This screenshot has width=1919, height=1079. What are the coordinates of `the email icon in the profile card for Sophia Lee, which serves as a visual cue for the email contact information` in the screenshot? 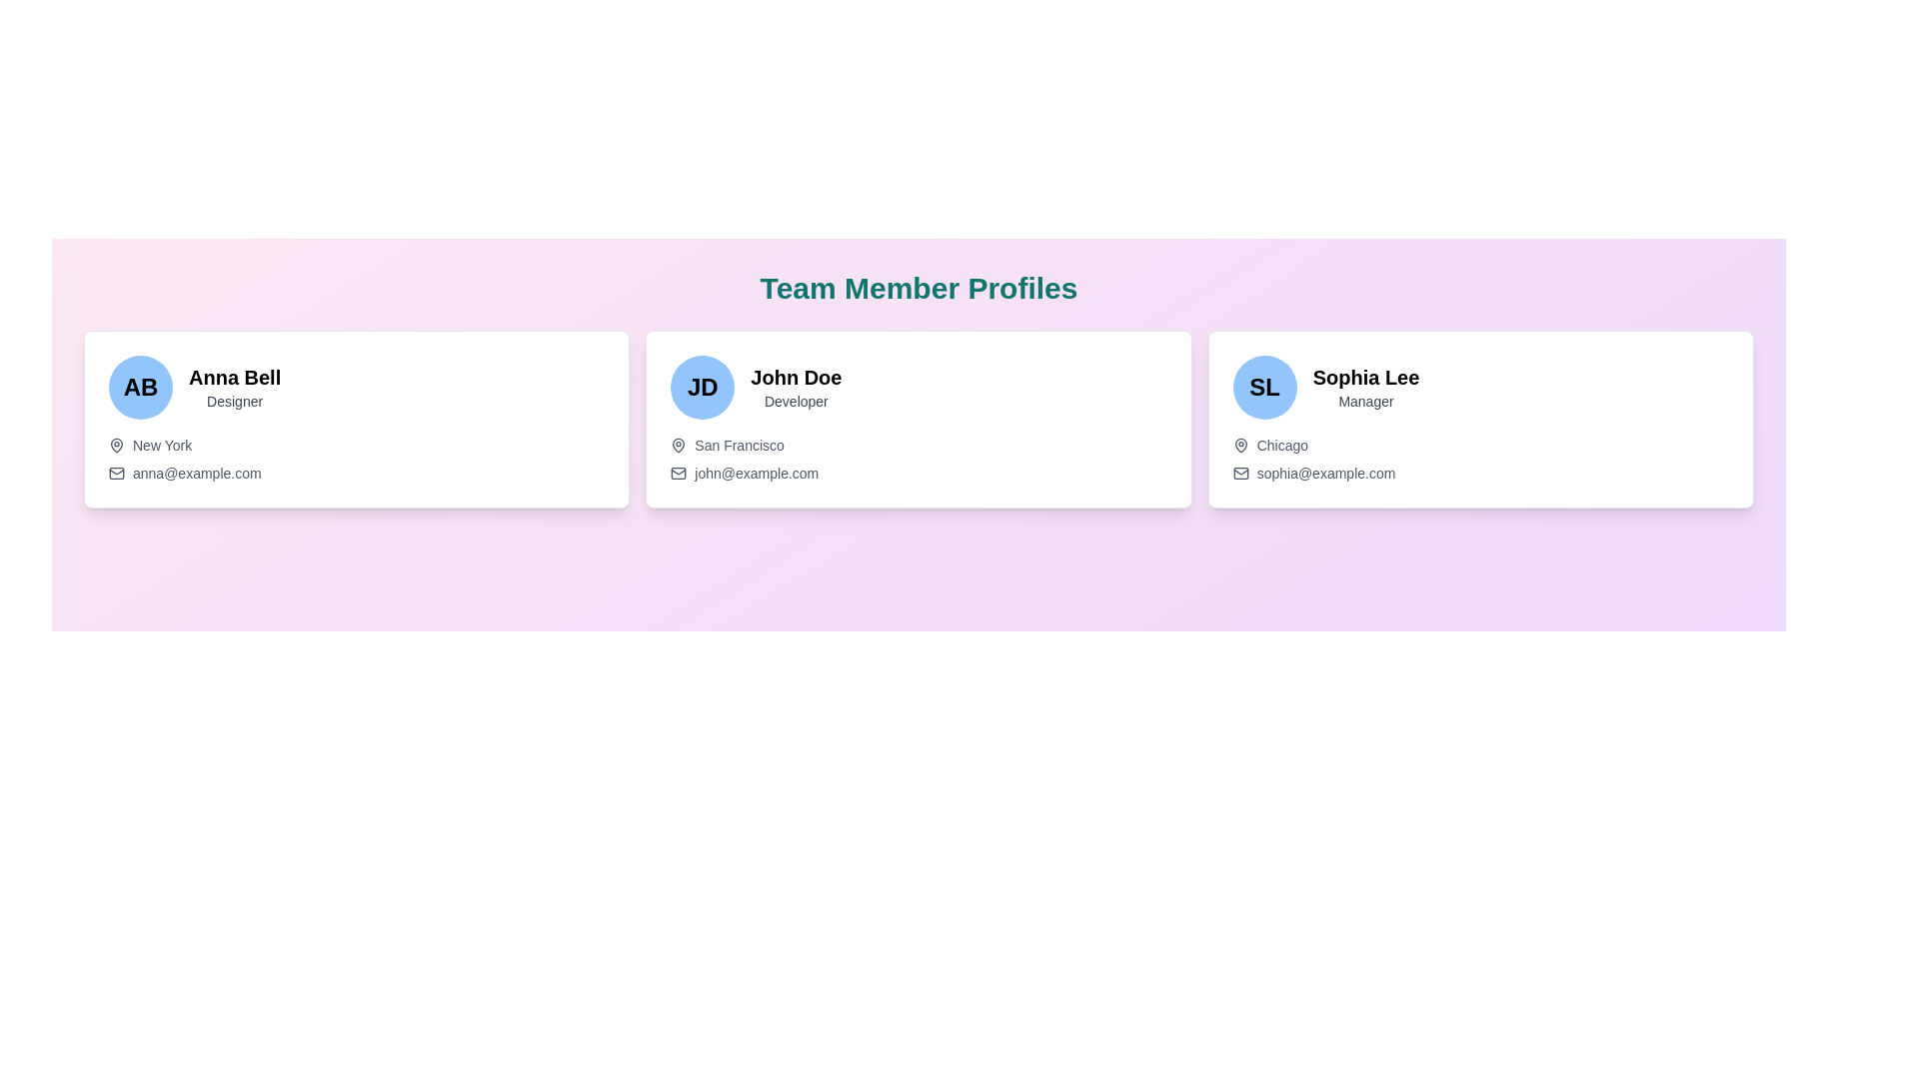 It's located at (1239, 474).